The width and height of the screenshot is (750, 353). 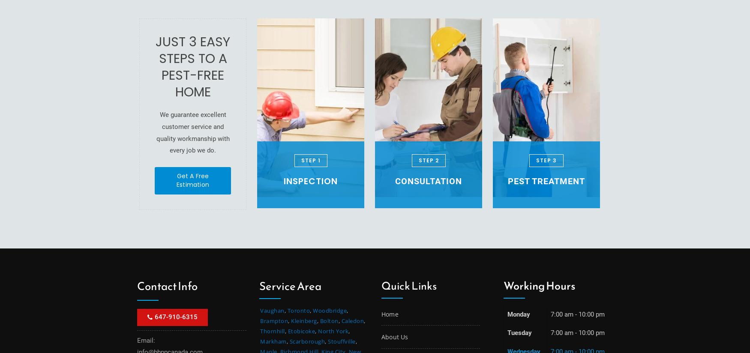 What do you see at coordinates (409, 285) in the screenshot?
I see `'Quick Links'` at bounding box center [409, 285].